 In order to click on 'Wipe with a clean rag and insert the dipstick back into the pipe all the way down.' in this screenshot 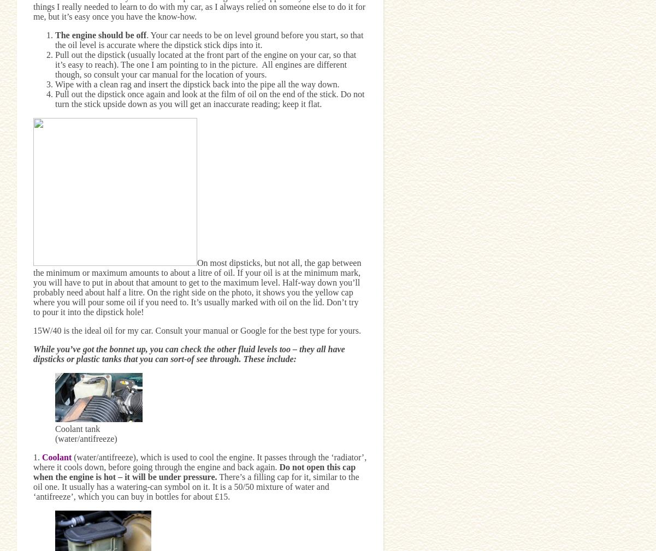, I will do `click(197, 83)`.